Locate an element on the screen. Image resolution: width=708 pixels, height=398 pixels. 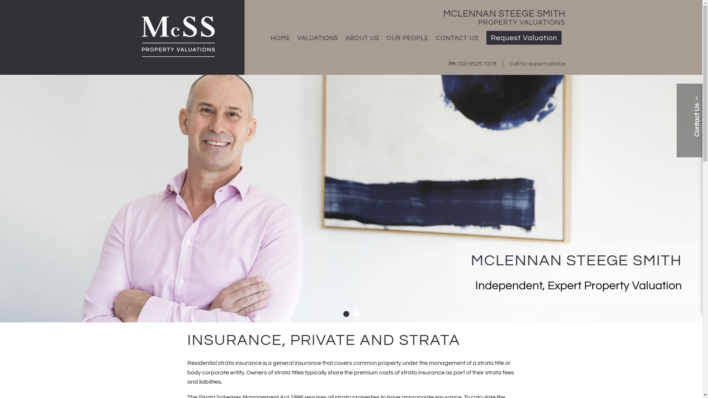
'ABOUT US' is located at coordinates (362, 38).